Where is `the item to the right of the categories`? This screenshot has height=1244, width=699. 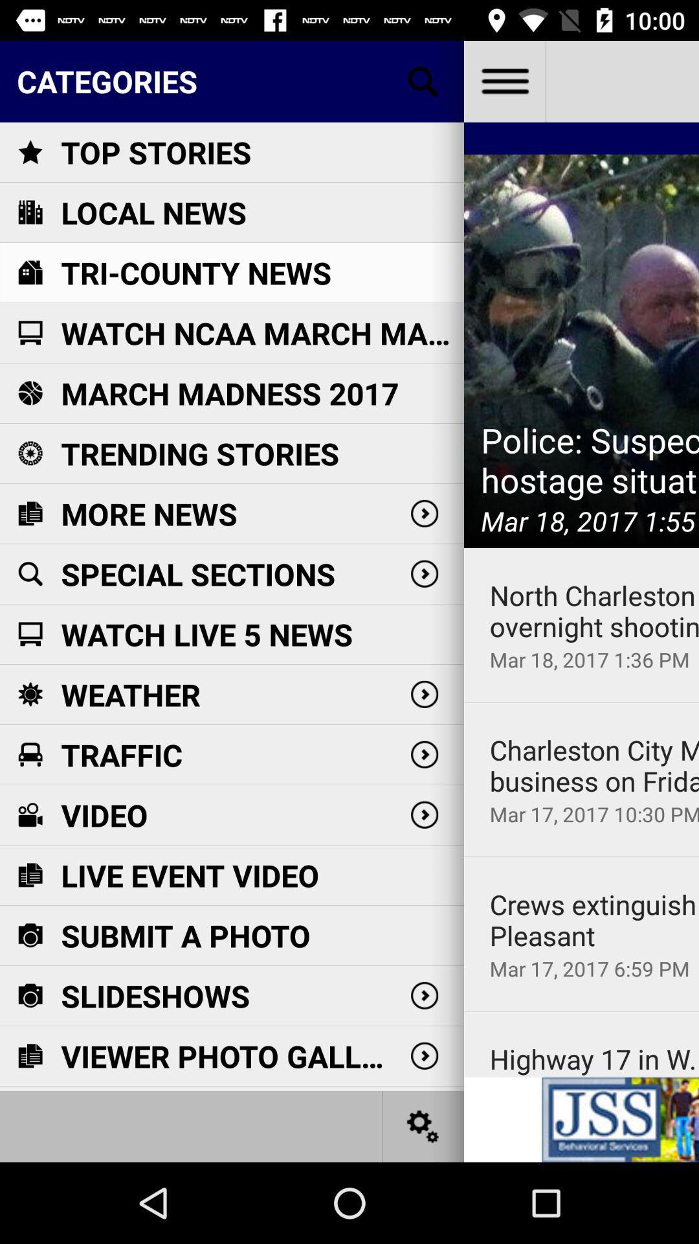 the item to the right of the categories is located at coordinates (504, 80).